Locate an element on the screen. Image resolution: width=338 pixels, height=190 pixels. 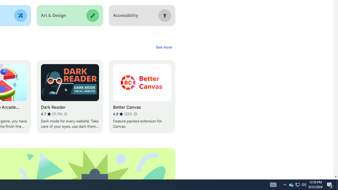
'Average rating 4.7 out of 5 stars. 11.7K ratings.' is located at coordinates (51, 114).